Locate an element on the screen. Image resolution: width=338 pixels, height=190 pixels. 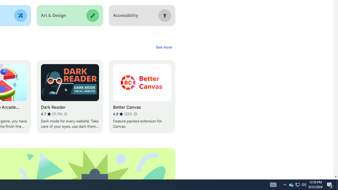
'Average rating 4.7 out of 5 stars. 11.7K ratings.' is located at coordinates (51, 114).